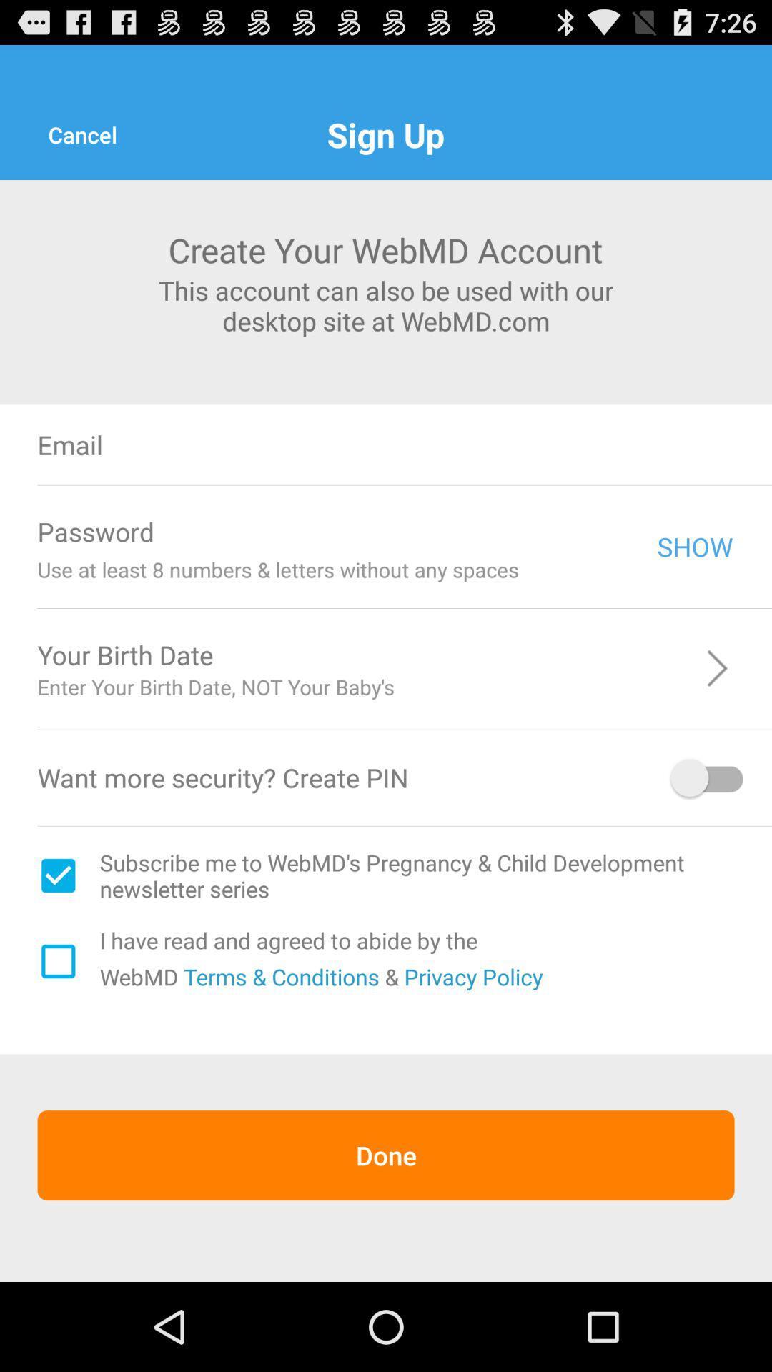  I want to click on the done item, so click(386, 1155).